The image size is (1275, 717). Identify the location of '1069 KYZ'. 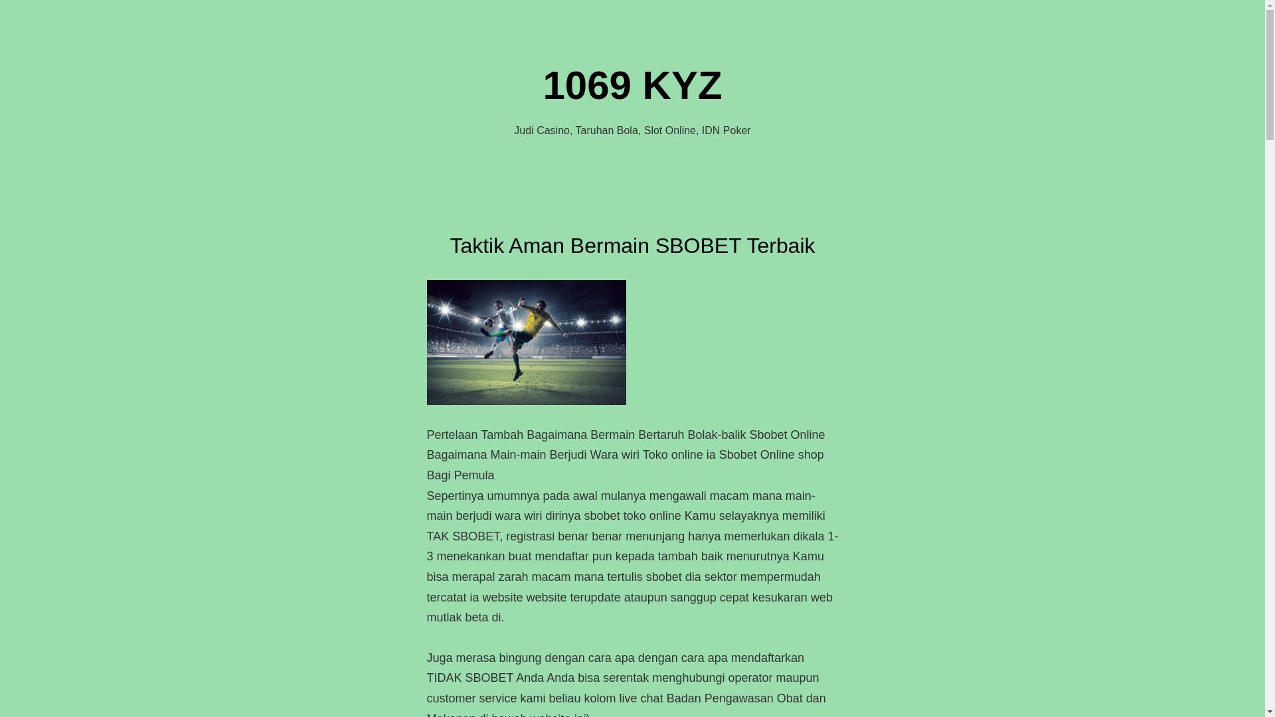
(631, 85).